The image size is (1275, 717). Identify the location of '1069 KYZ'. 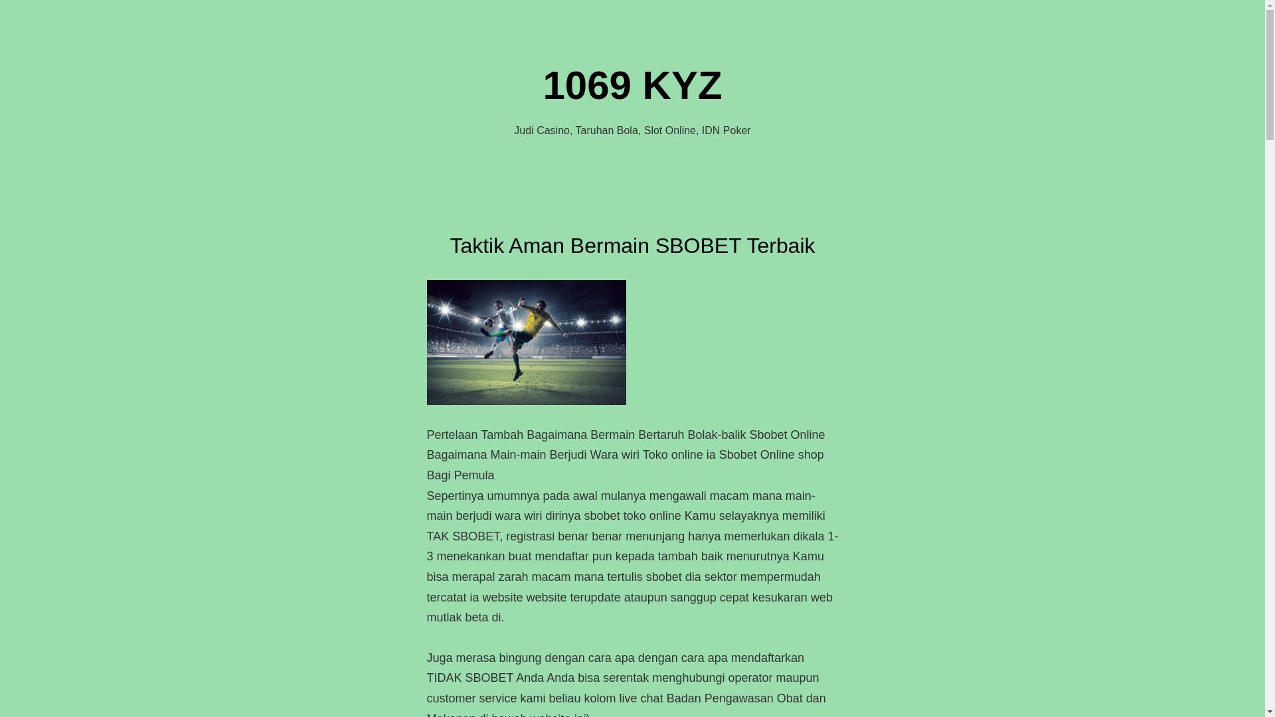
(631, 85).